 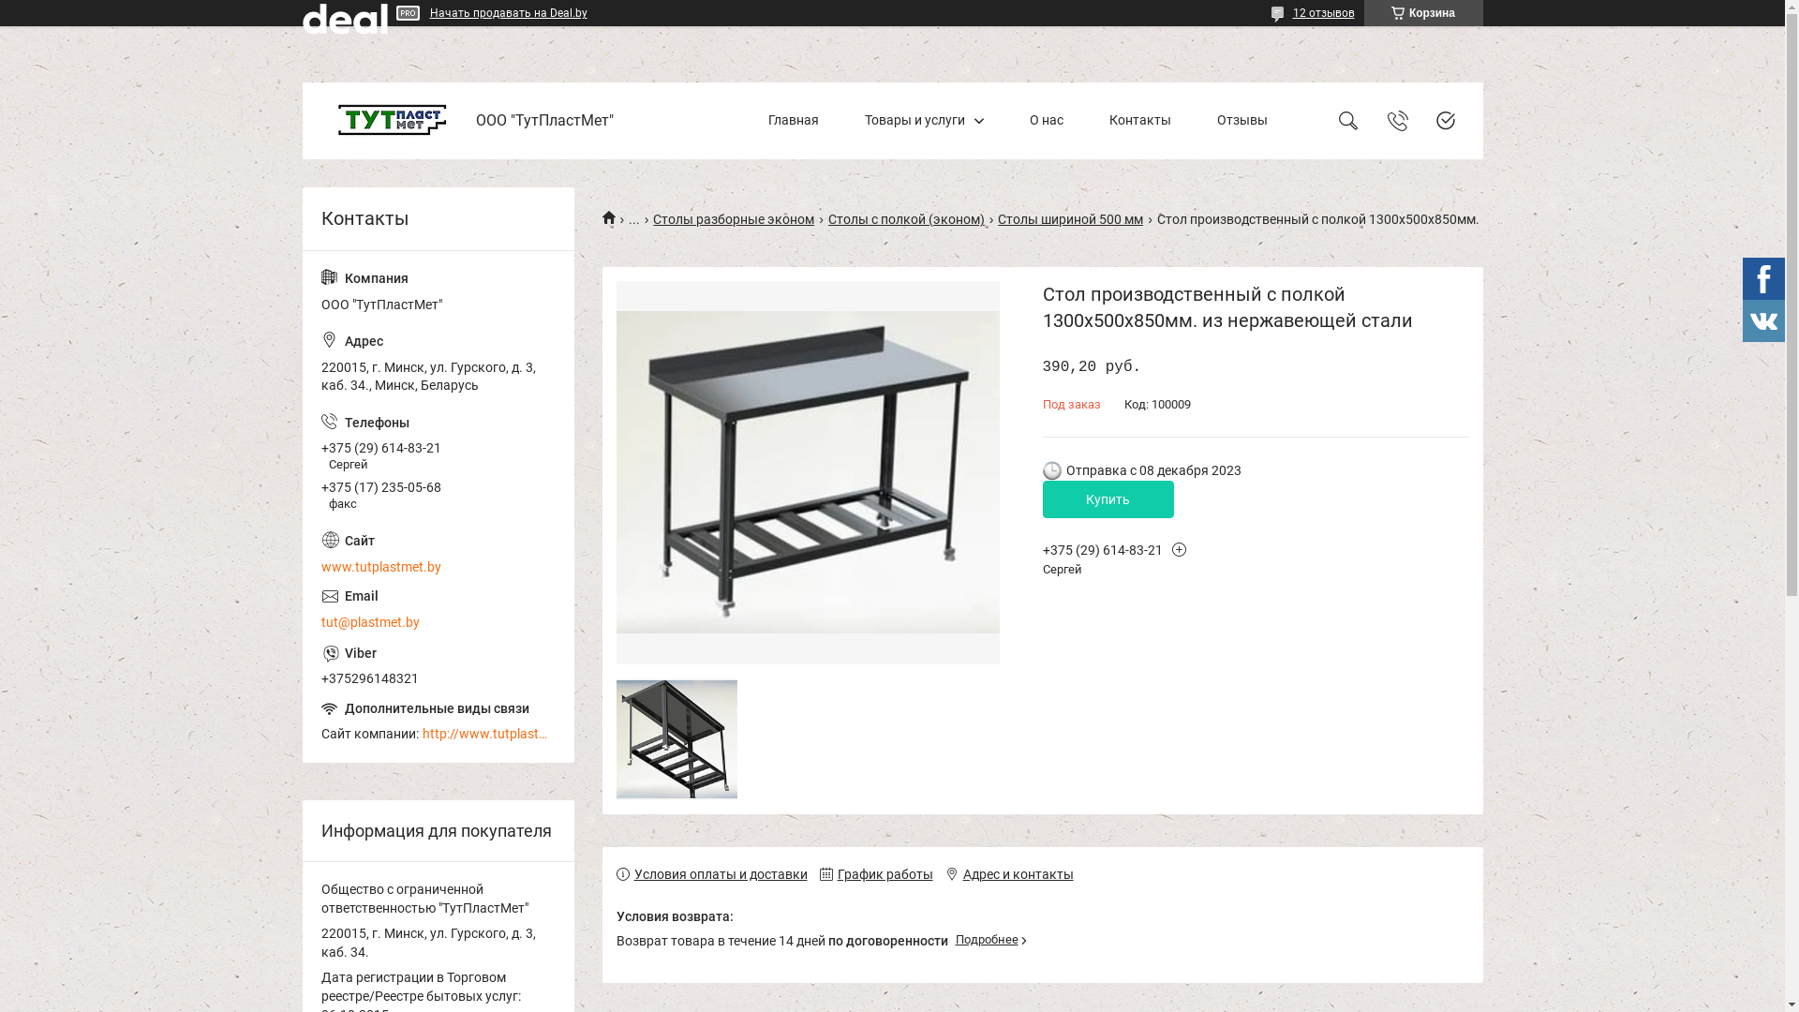 I want to click on 'tut@plastmet.by', so click(x=436, y=609).